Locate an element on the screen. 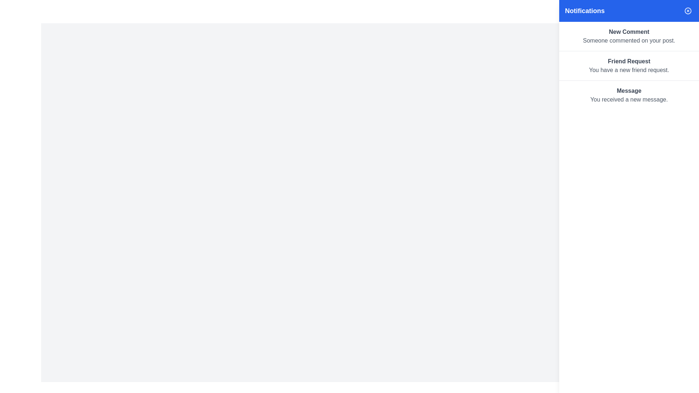 Image resolution: width=699 pixels, height=393 pixels. the close button styled as a circular icon with a blue background and white outline located at the top-right corner of the notification bar is located at coordinates (688, 11).